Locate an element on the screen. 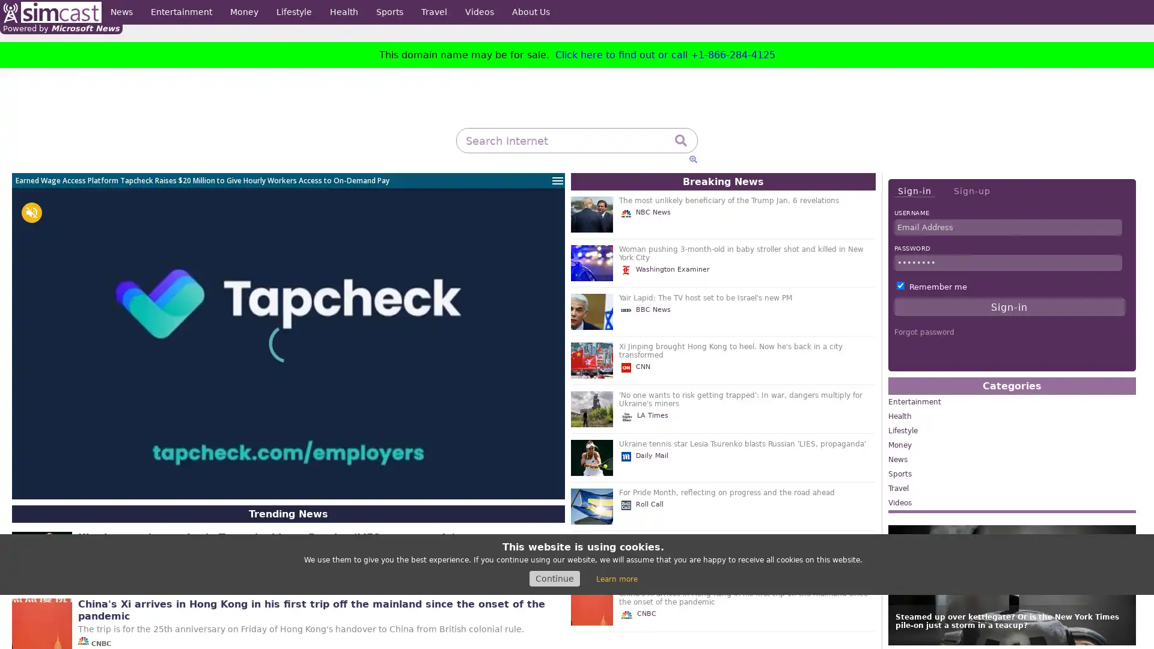  Sign-in is located at coordinates (1009, 306).